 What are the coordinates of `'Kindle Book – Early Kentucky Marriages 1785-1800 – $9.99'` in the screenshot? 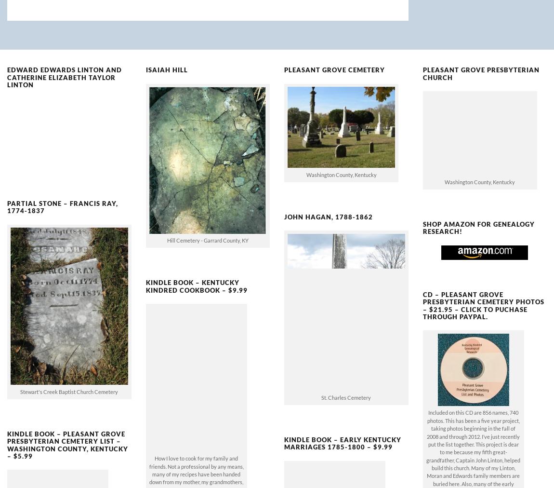 It's located at (342, 427).